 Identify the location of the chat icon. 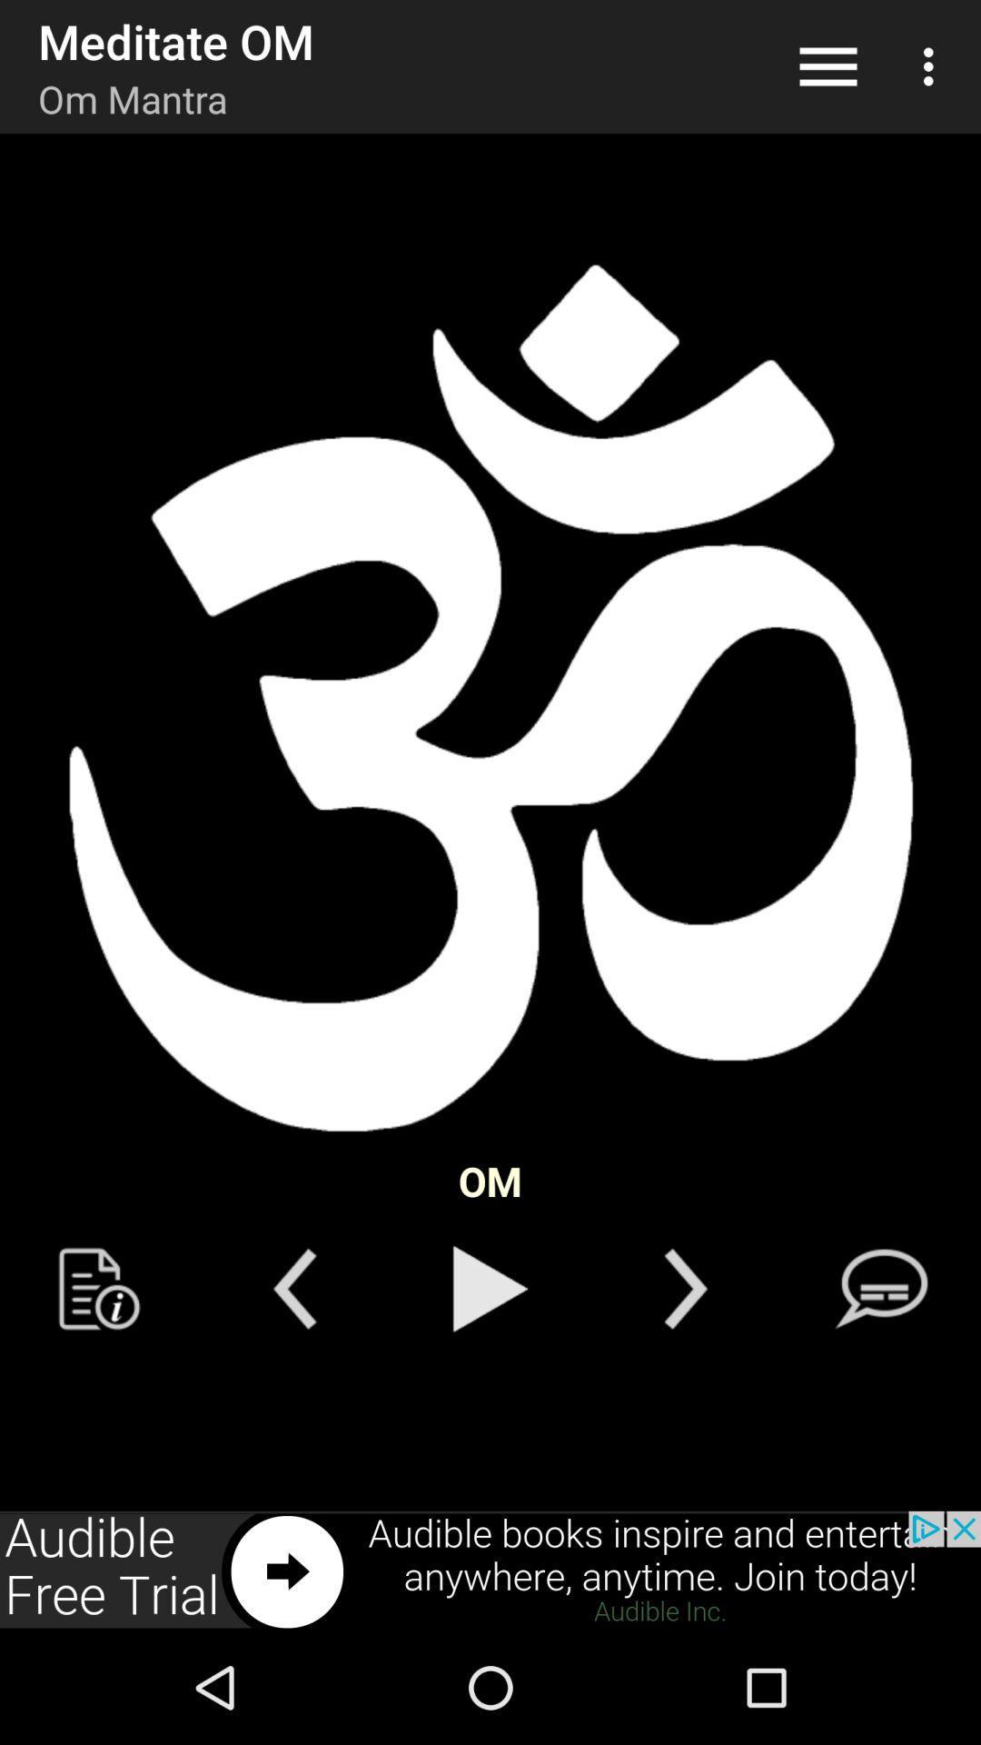
(880, 1288).